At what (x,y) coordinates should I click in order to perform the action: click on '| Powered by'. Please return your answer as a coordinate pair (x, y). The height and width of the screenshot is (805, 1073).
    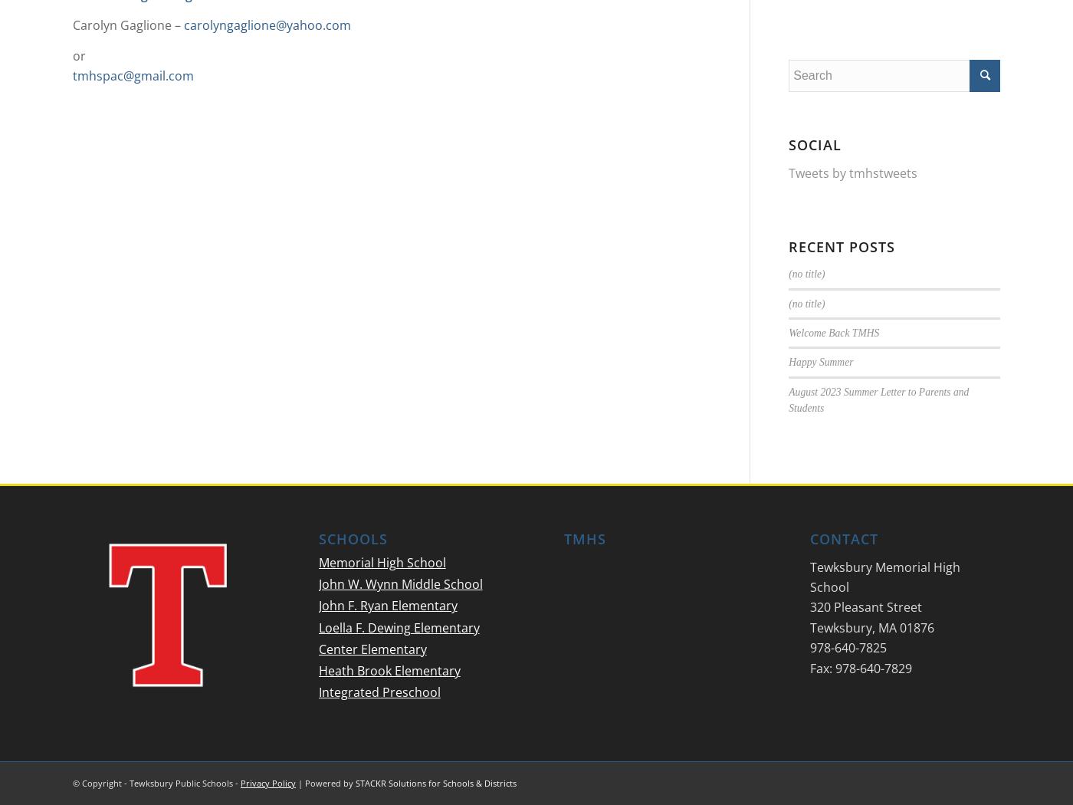
    Looking at the image, I should click on (325, 782).